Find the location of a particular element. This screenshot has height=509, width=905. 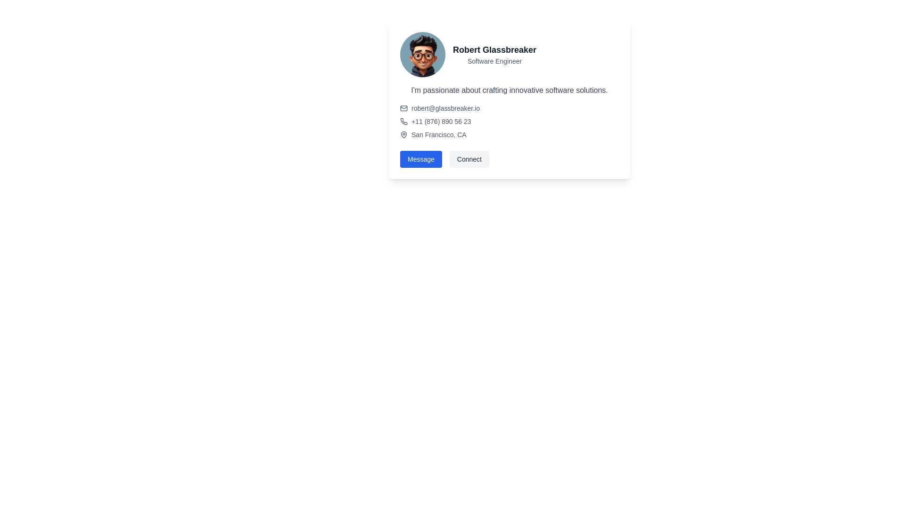

the location icon positioned to the left of the text 'San Francisco, CA' in the contact card layout is located at coordinates (404, 134).